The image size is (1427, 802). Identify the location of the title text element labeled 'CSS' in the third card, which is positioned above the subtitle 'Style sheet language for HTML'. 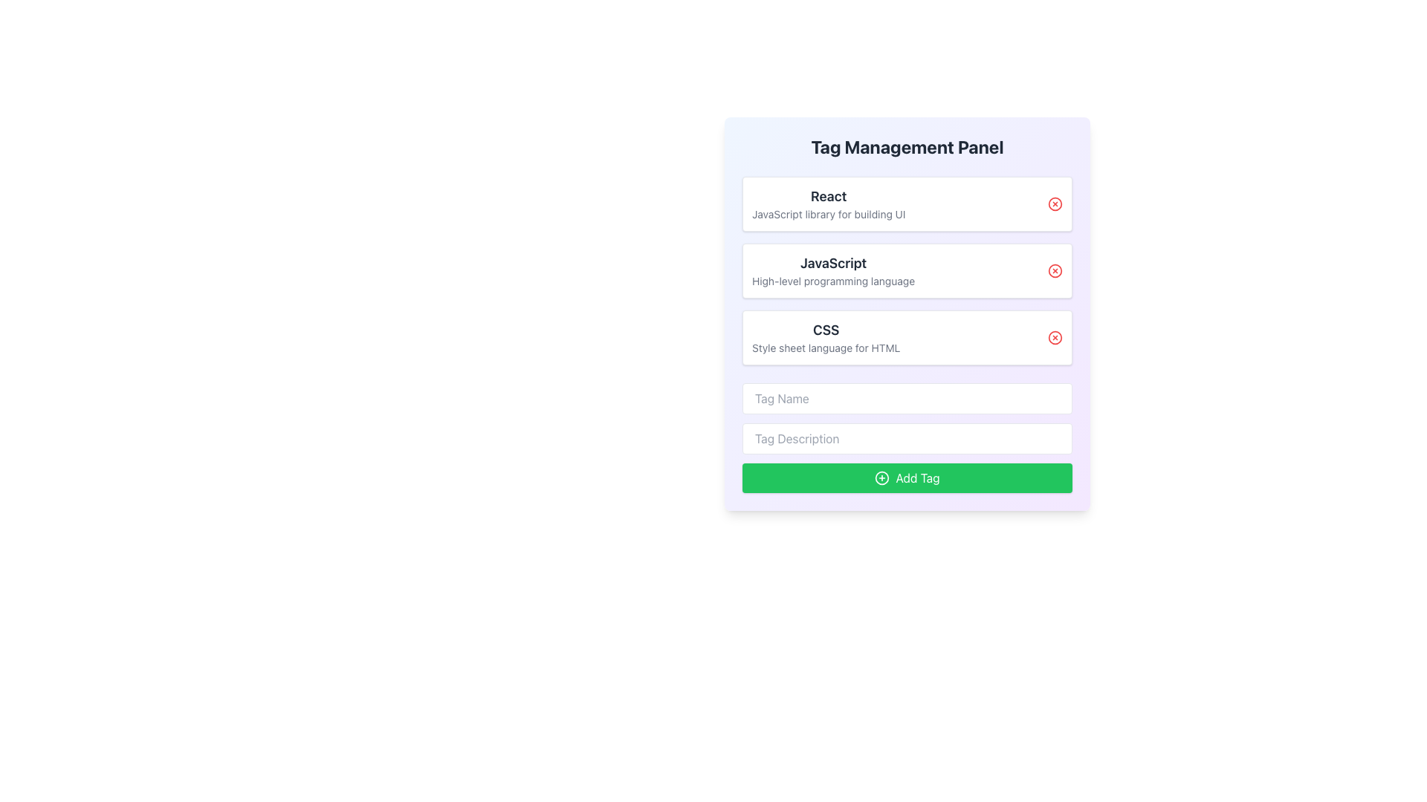
(825, 329).